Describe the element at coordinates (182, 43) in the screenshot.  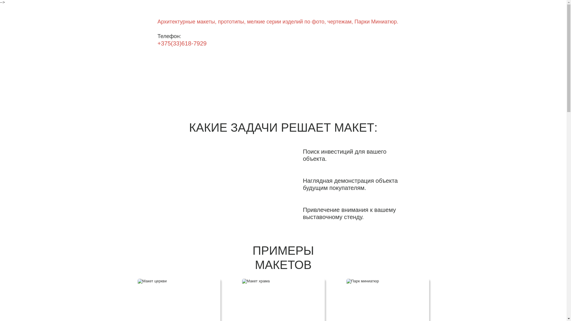
I see `'+375(33)618-7929'` at that location.